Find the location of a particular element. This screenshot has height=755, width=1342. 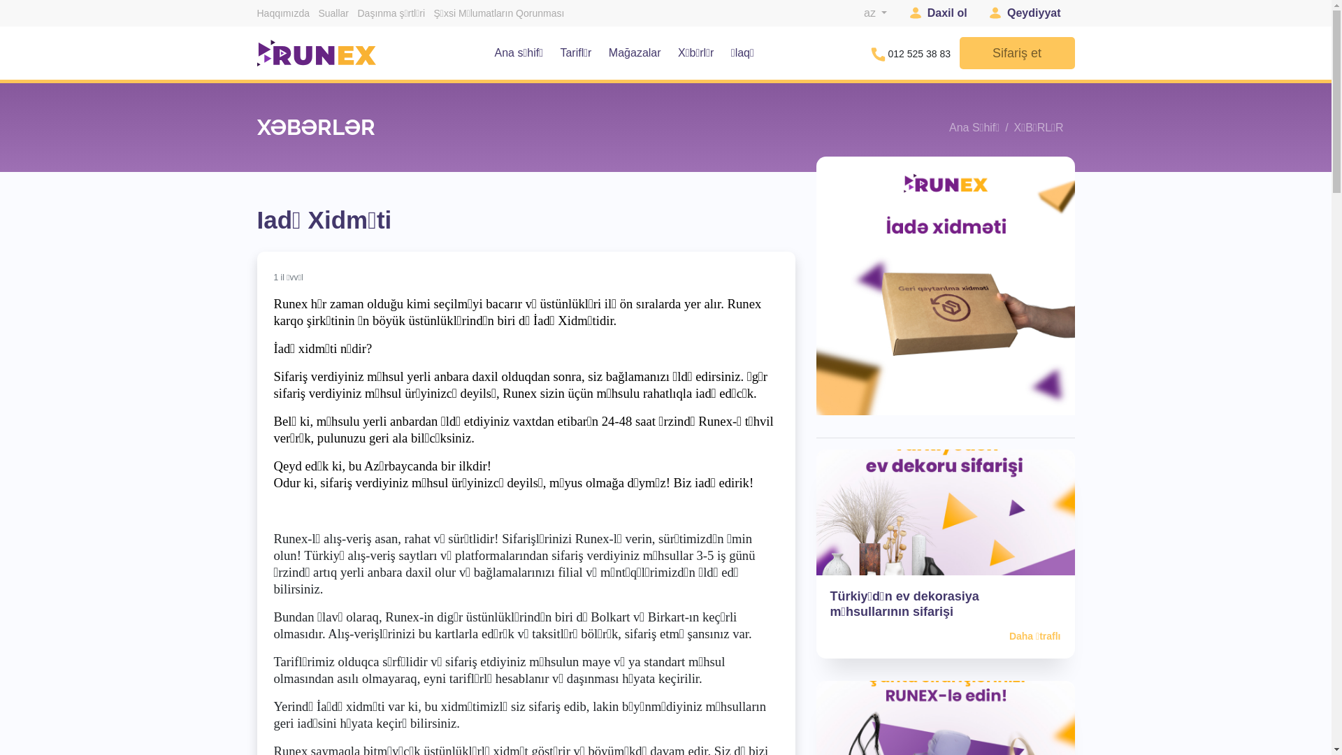

'az' is located at coordinates (863, 13).